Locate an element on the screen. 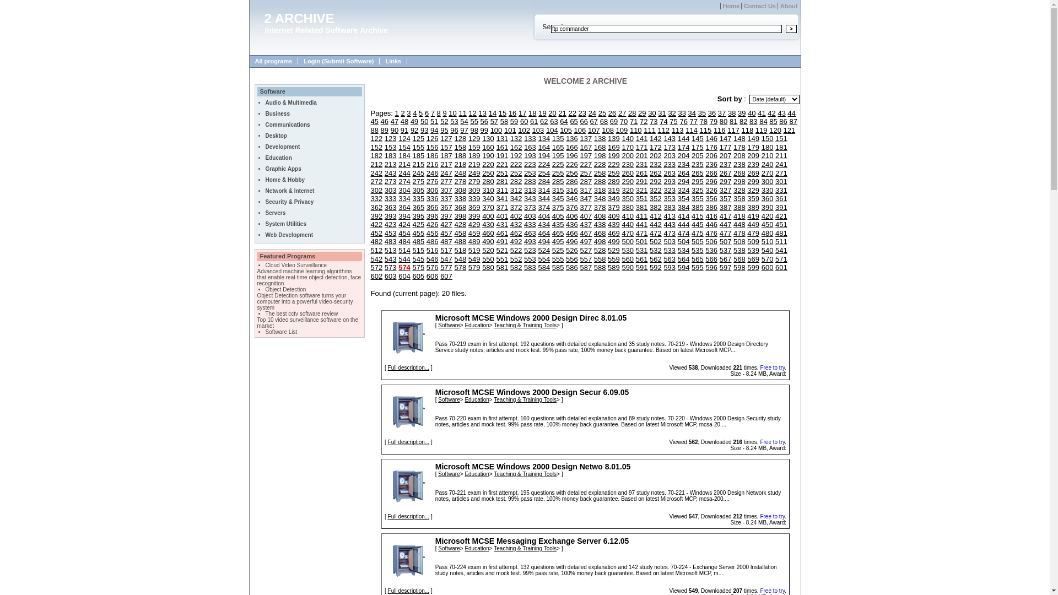 This screenshot has width=1058, height=595. '44' is located at coordinates (791, 113).